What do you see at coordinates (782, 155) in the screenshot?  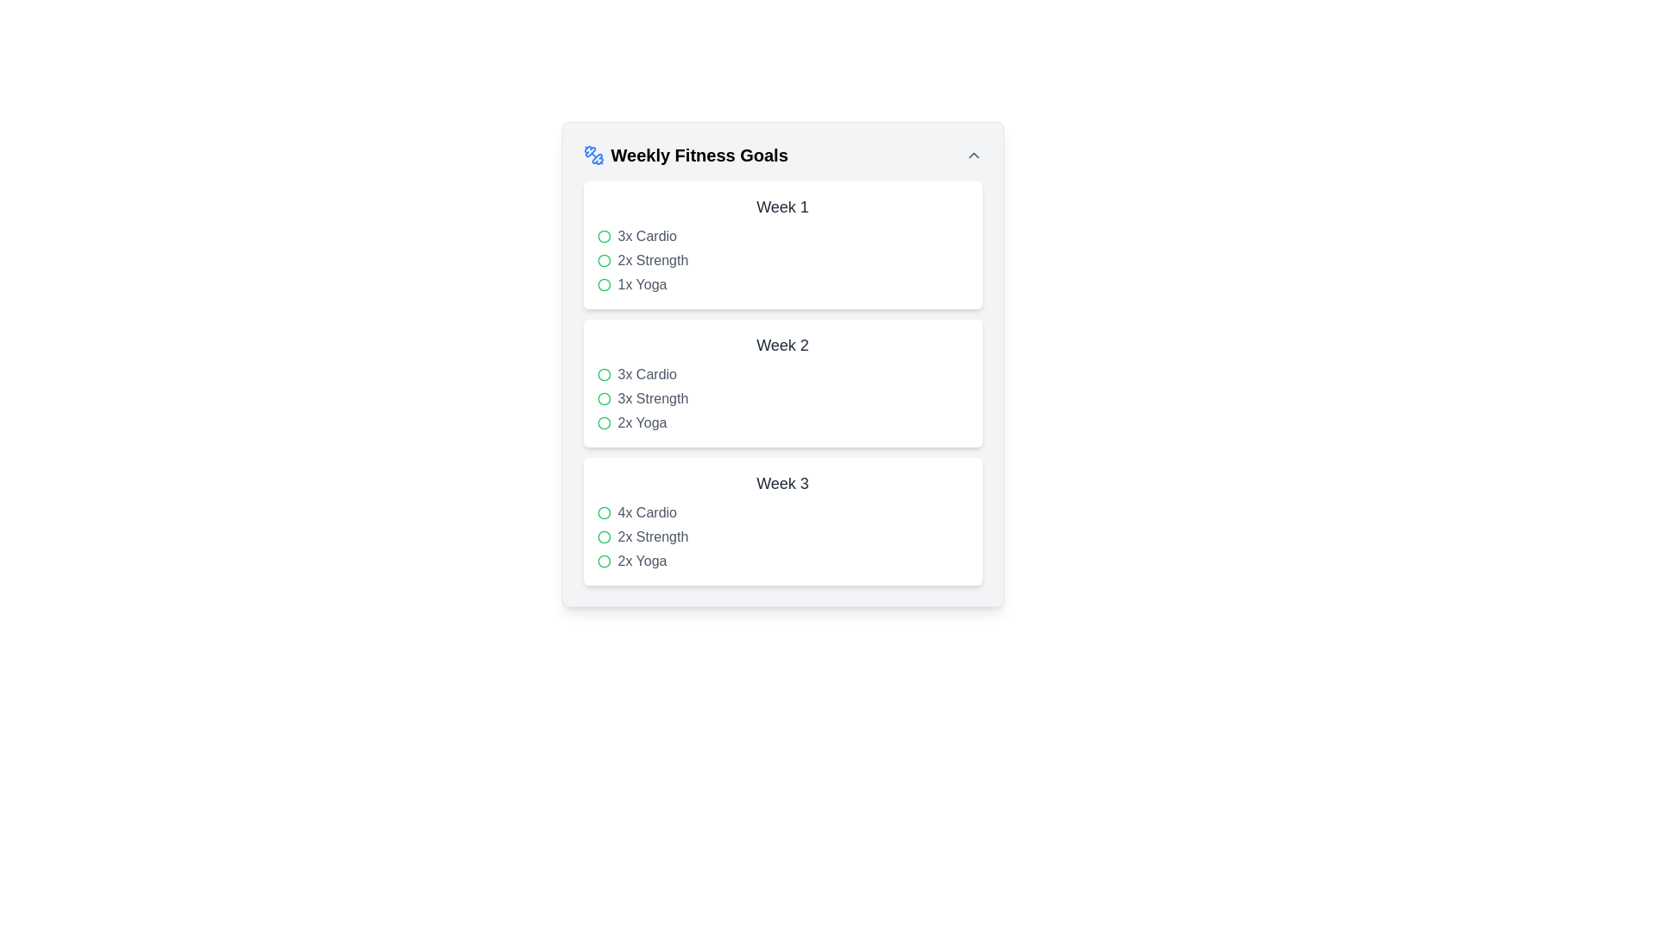 I see `the static text header that describes weekly fitness goals, positioned at the top of the card with decorative icons` at bounding box center [782, 155].